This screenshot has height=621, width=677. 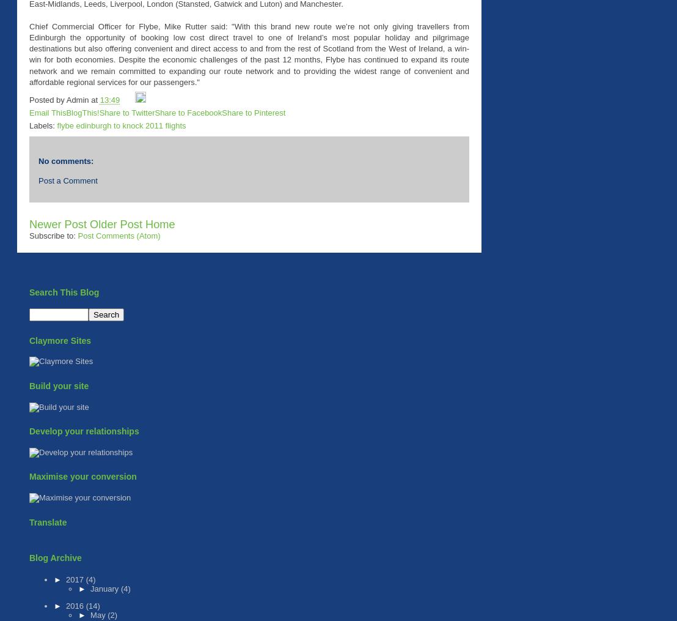 I want to click on 'Translate', so click(x=47, y=522).